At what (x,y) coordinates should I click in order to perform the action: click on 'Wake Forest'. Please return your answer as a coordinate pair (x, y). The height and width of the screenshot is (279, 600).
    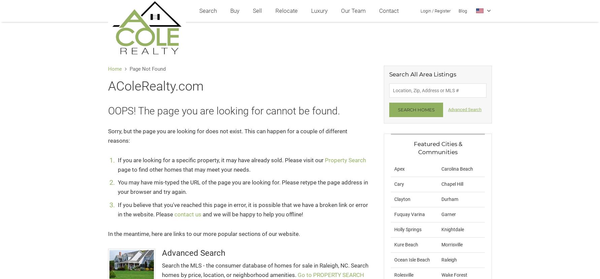
    Looking at the image, I should click on (454, 274).